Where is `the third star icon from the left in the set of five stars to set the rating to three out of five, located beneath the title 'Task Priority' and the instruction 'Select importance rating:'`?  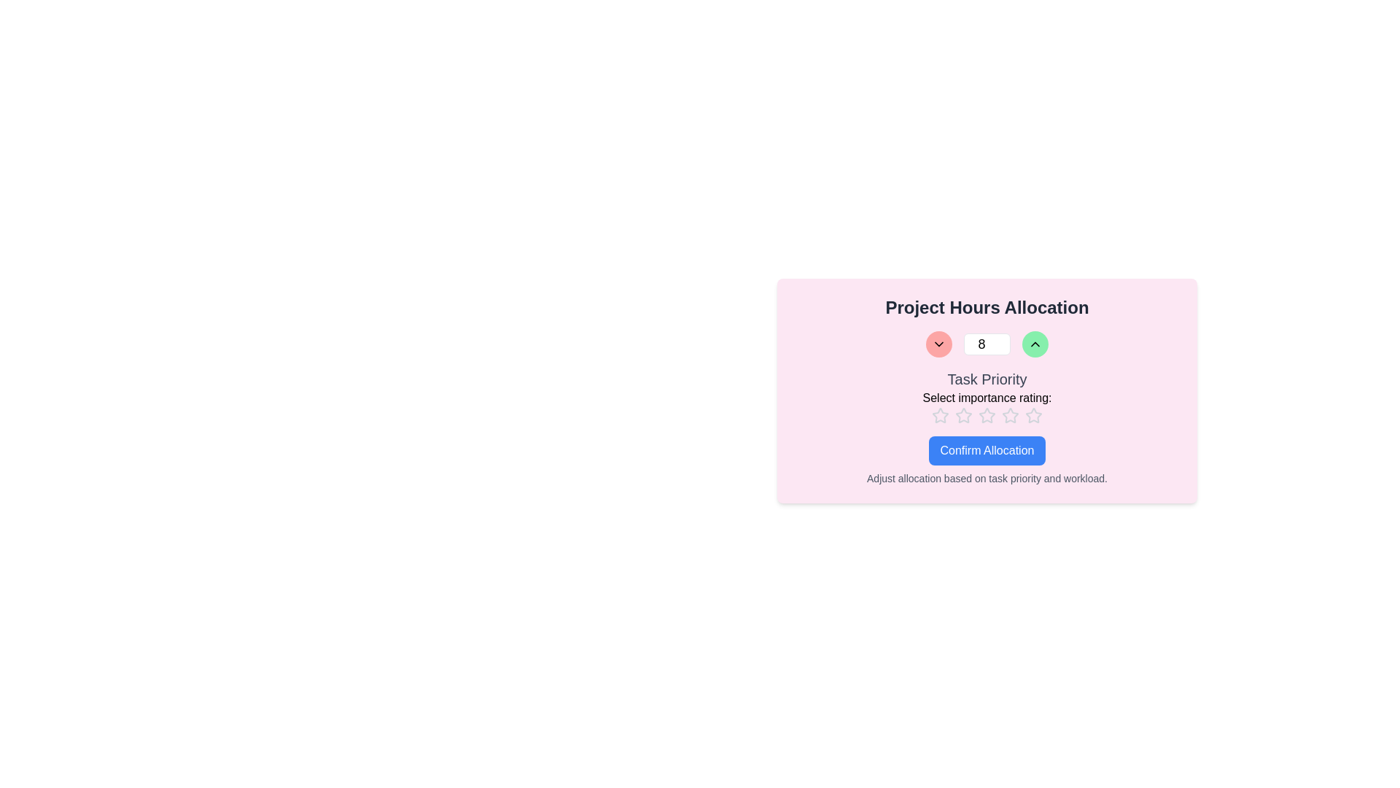 the third star icon from the left in the set of five stars to set the rating to three out of five, located beneath the title 'Task Priority' and the instruction 'Select importance rating:' is located at coordinates (987, 415).